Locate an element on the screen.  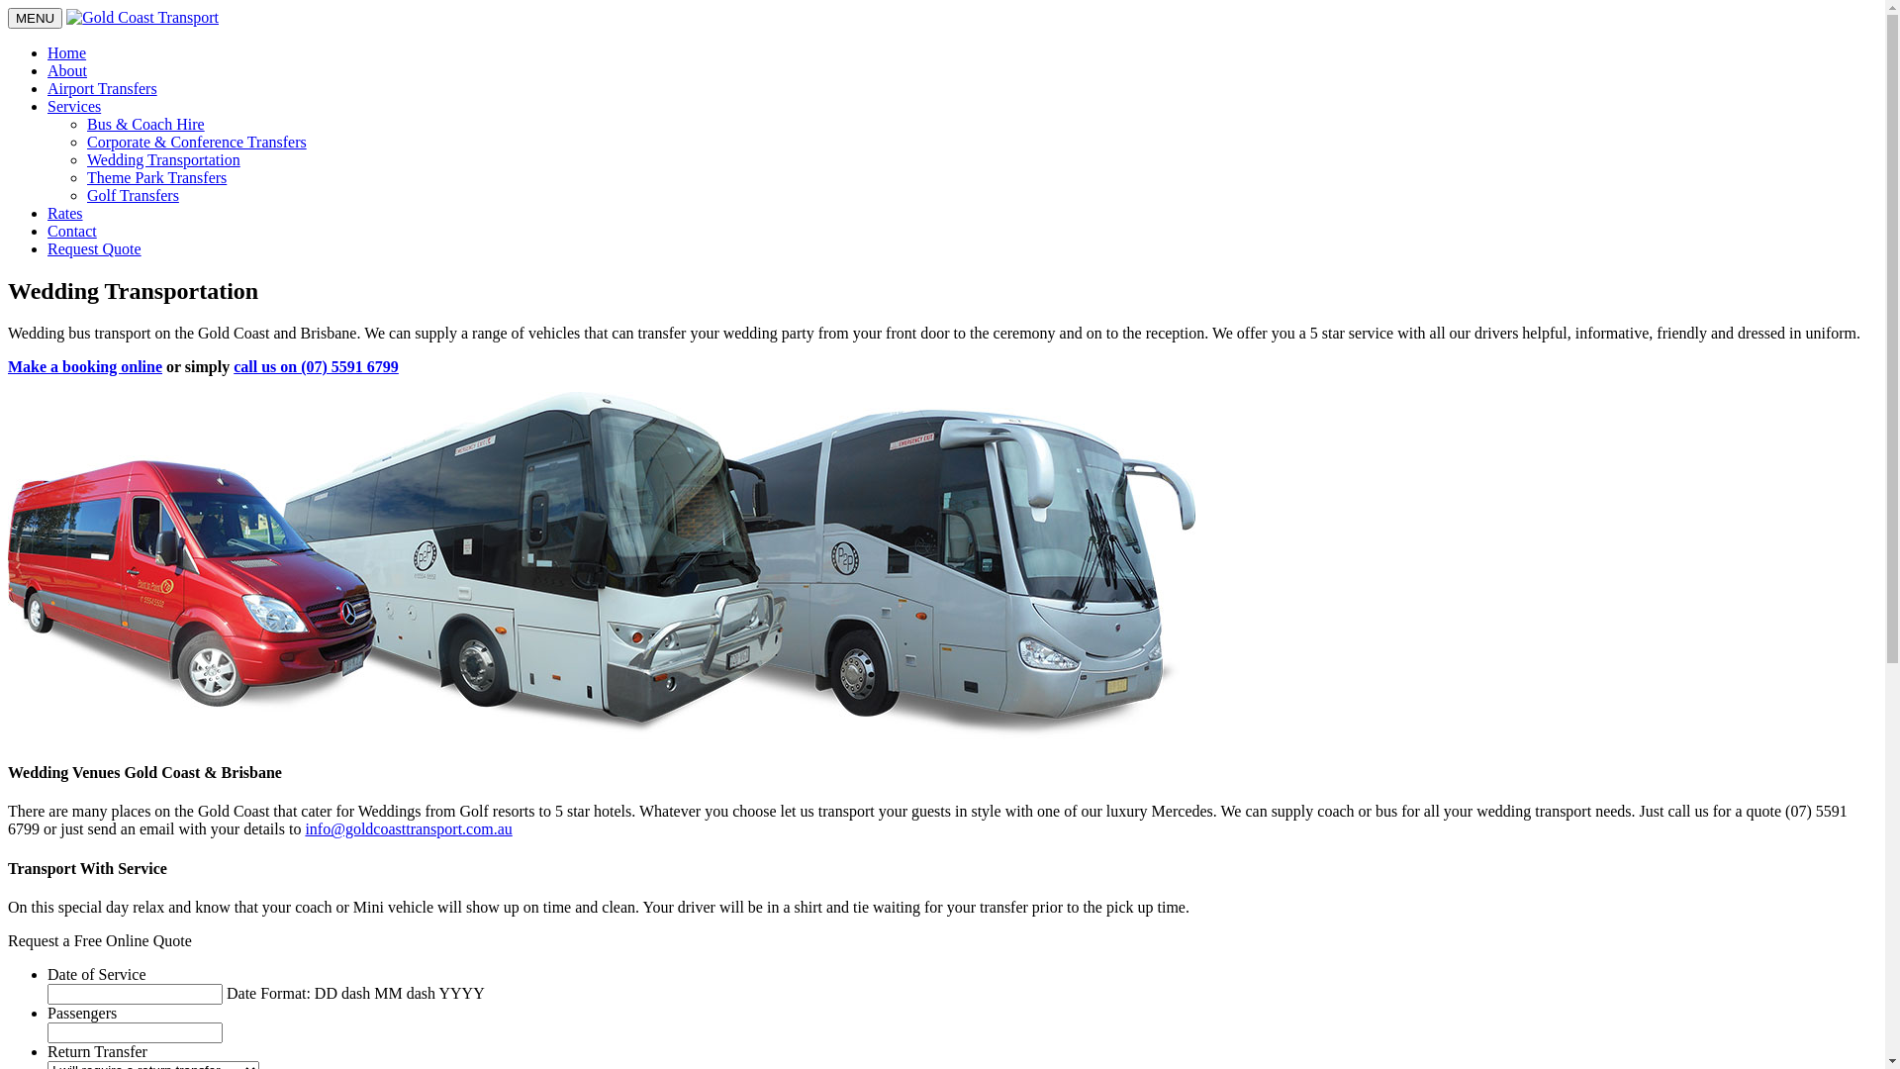
'Golf Transfers' is located at coordinates (132, 195).